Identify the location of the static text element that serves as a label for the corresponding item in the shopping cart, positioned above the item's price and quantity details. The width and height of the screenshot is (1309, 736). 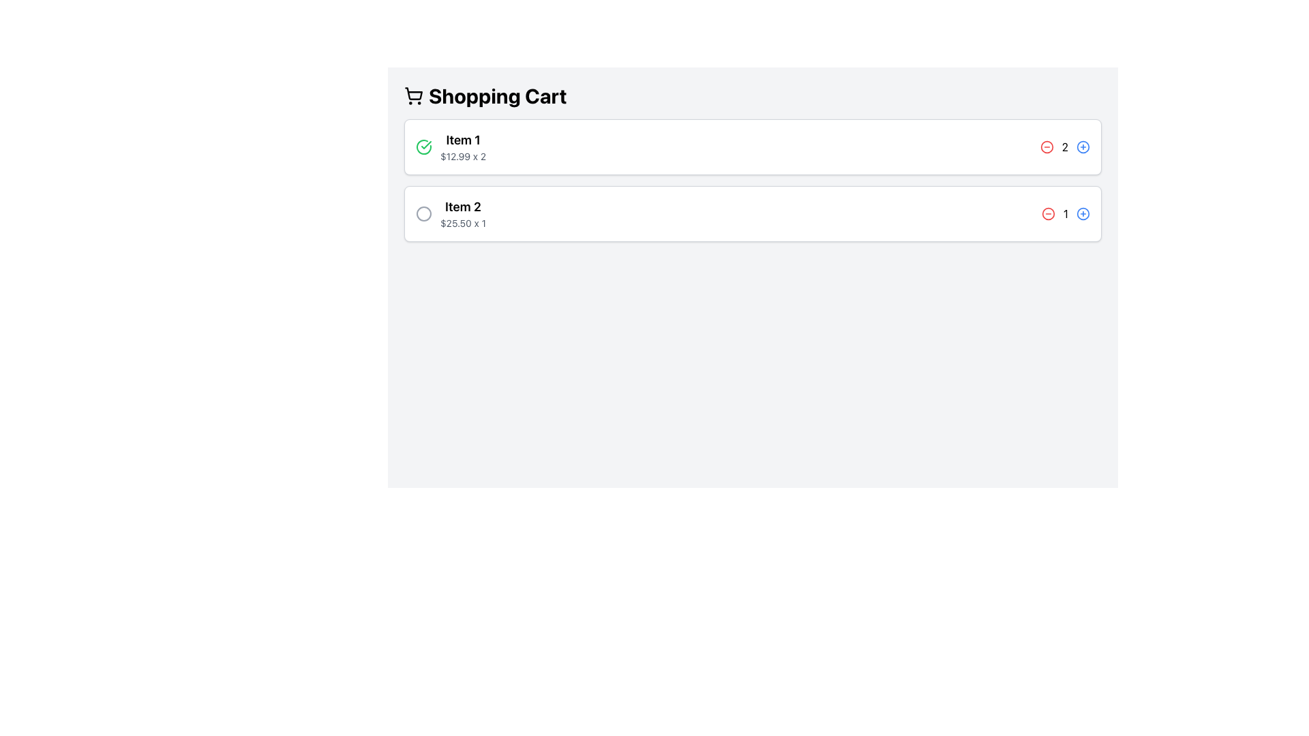
(463, 207).